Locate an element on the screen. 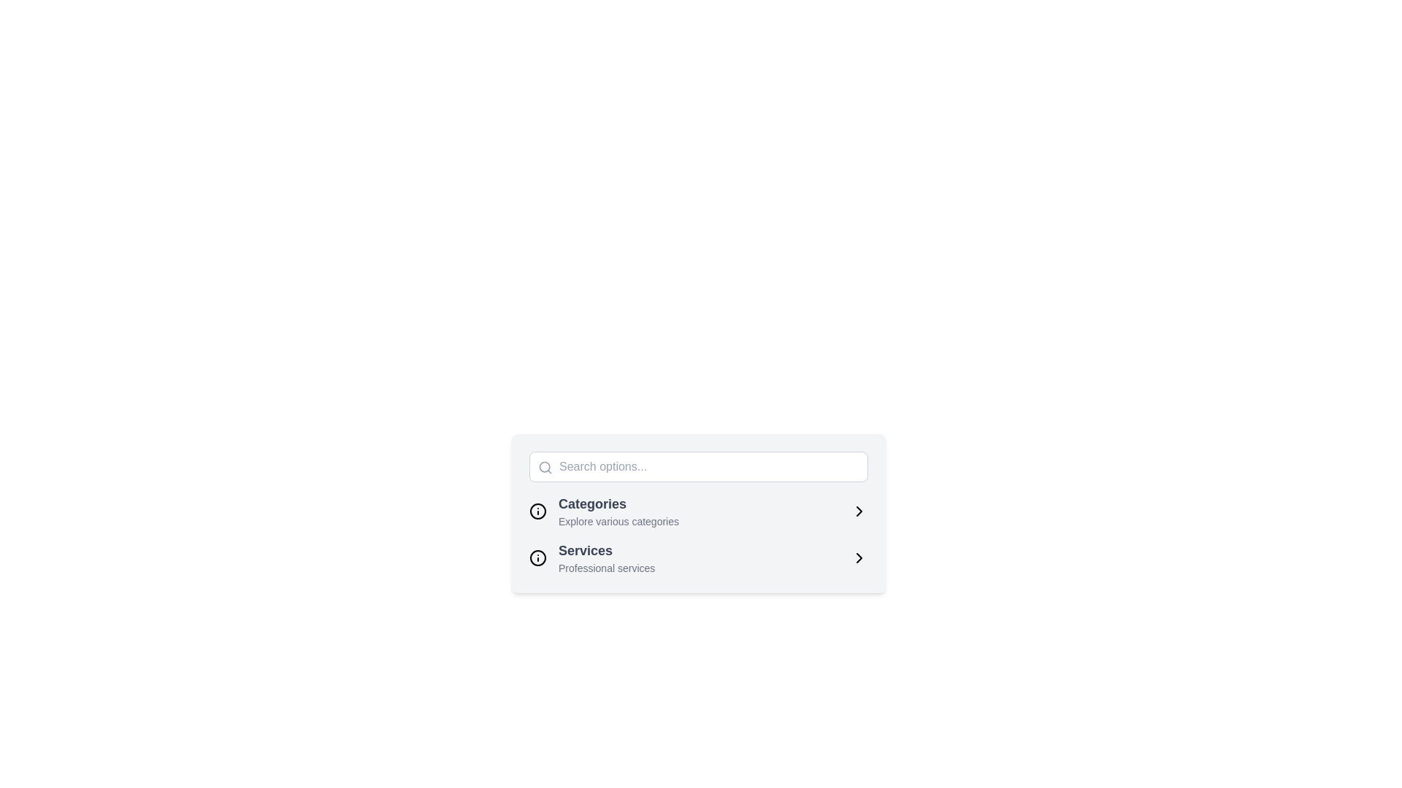 This screenshot has width=1402, height=788. the icon representing the 'Services' category, which is located to the left of the texts 'Services' and 'Professional services' is located at coordinates (537, 557).